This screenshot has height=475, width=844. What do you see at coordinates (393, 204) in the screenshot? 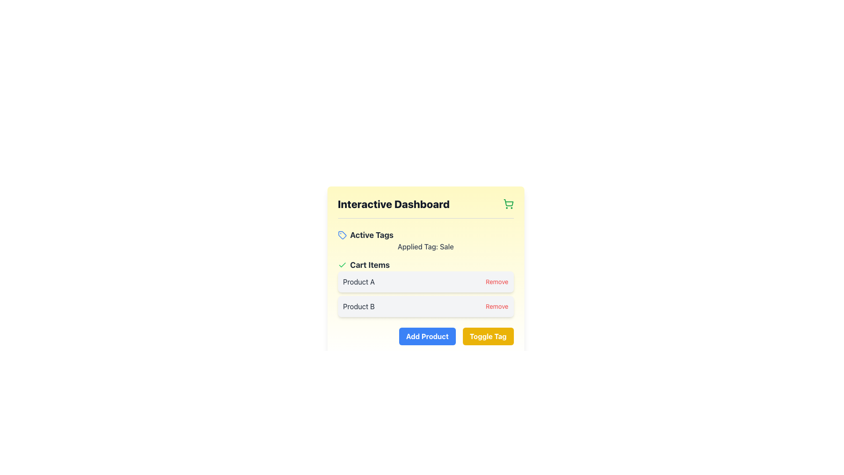
I see `text from the prominent heading or title Text Label positioned on the left side of the section, which serves to indicate the purpose or functionality of the area below` at bounding box center [393, 204].